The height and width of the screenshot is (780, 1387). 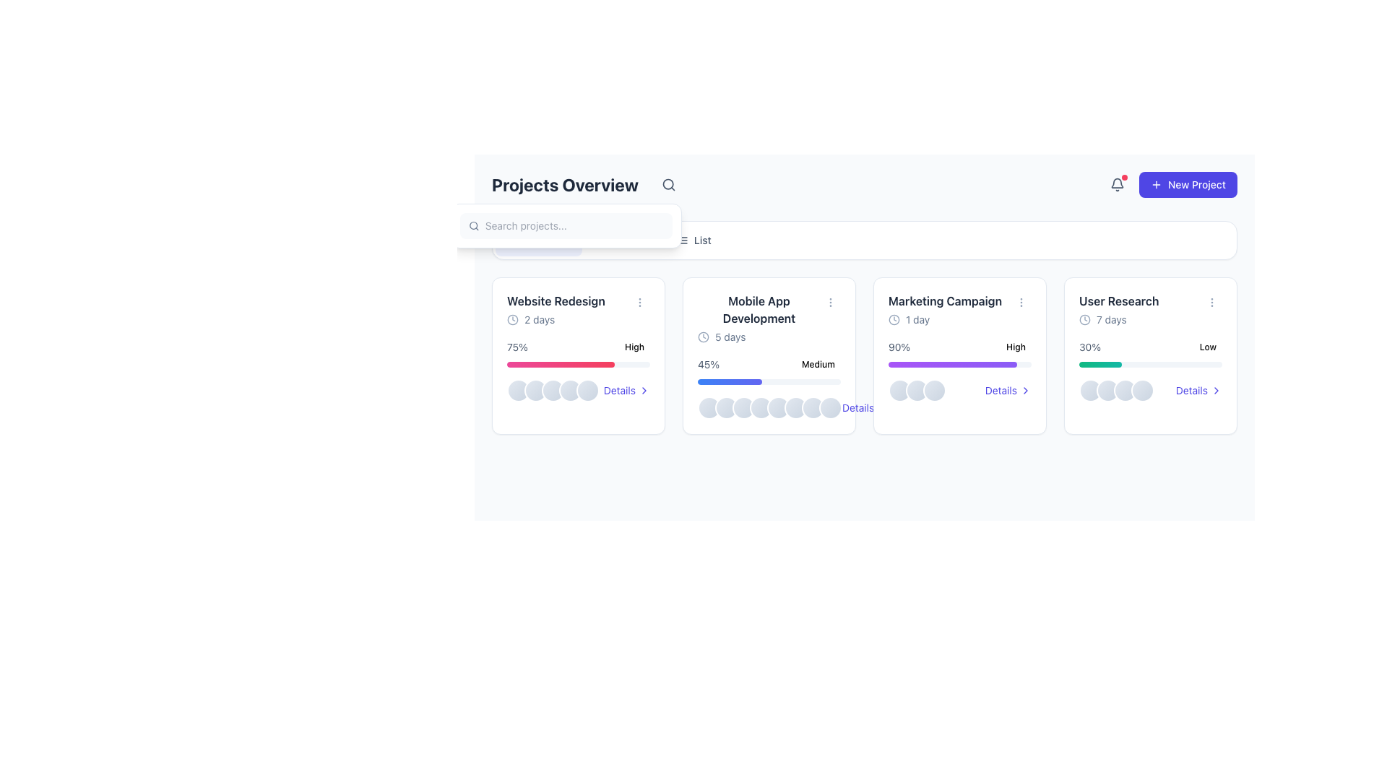 I want to click on the 'Medium' priority badge located on the 'Mobile App Development' card, positioned in the bottom right area near the percentage indicator (45%), so click(x=818, y=364).